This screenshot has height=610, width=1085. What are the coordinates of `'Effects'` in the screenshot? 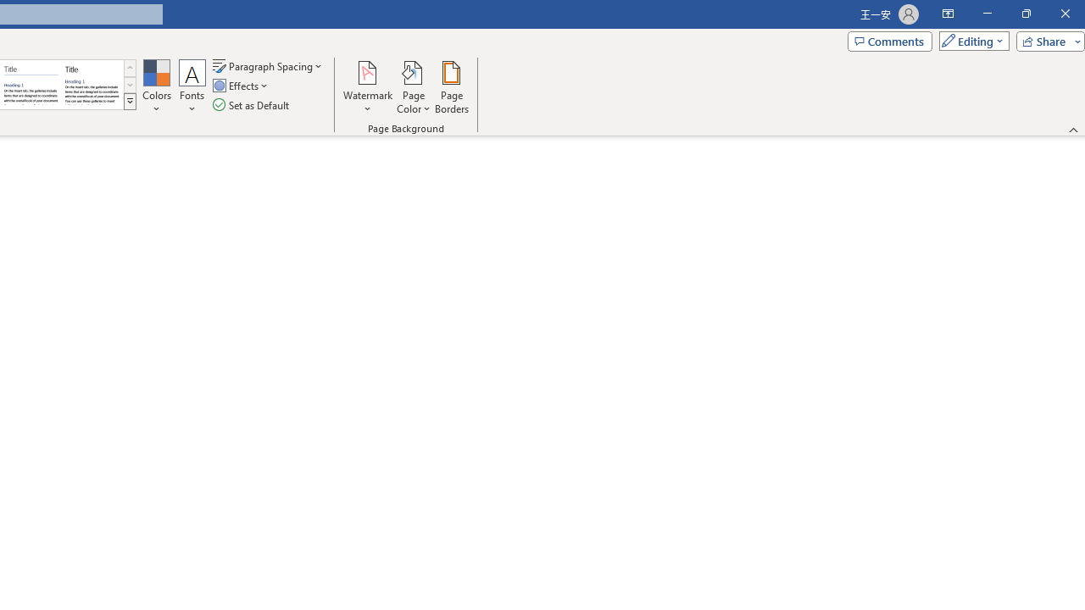 It's located at (241, 86).